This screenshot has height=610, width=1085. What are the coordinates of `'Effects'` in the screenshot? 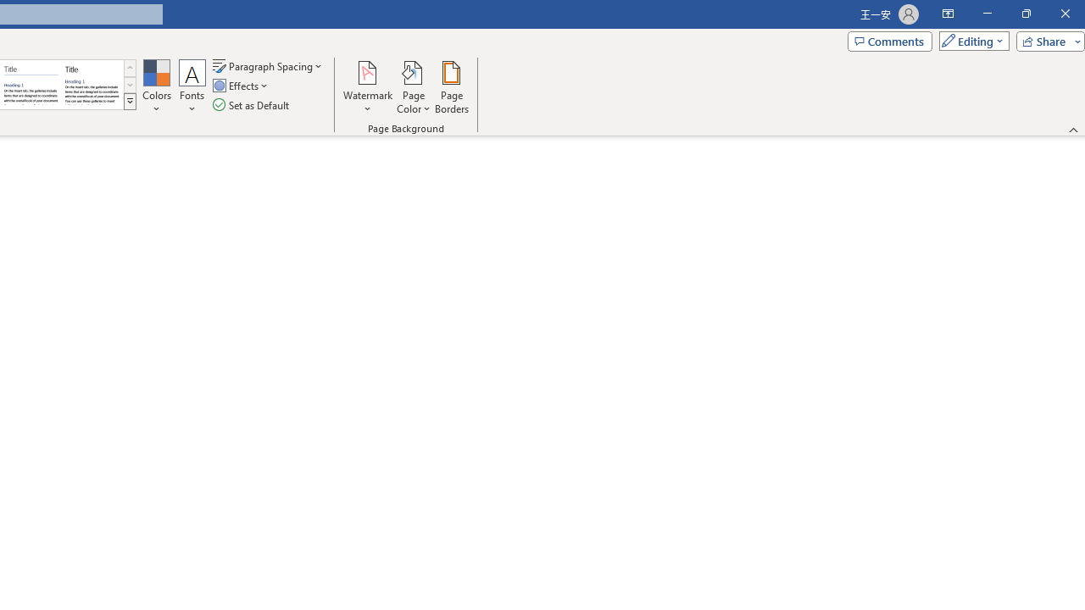 It's located at (241, 86).